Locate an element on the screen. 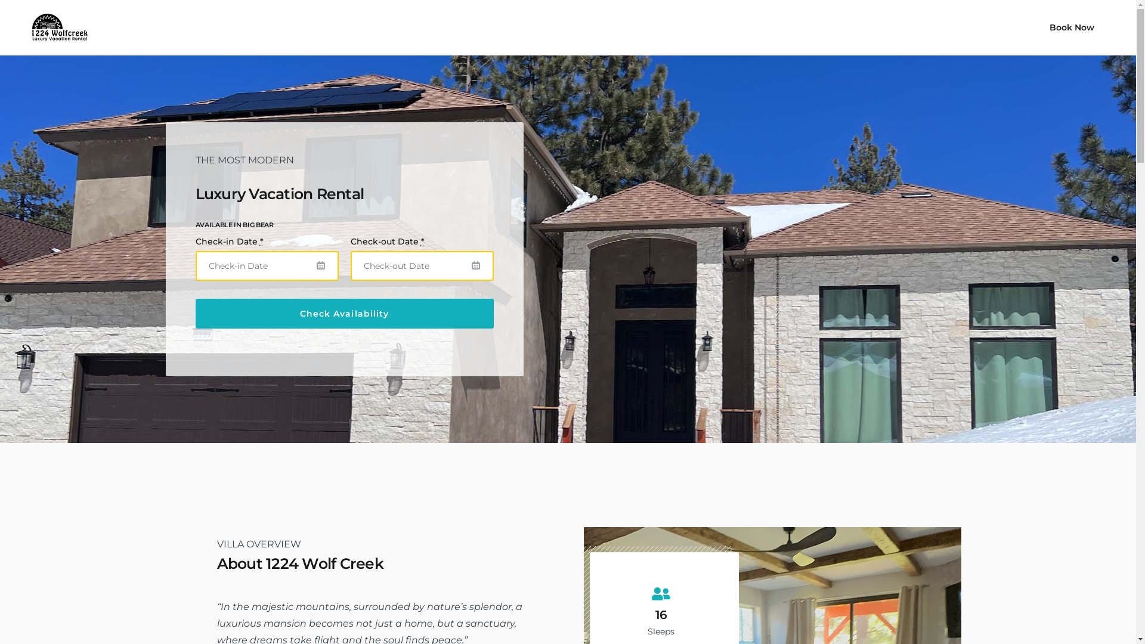  '1224 Wolf Creek' is located at coordinates (54, 27).